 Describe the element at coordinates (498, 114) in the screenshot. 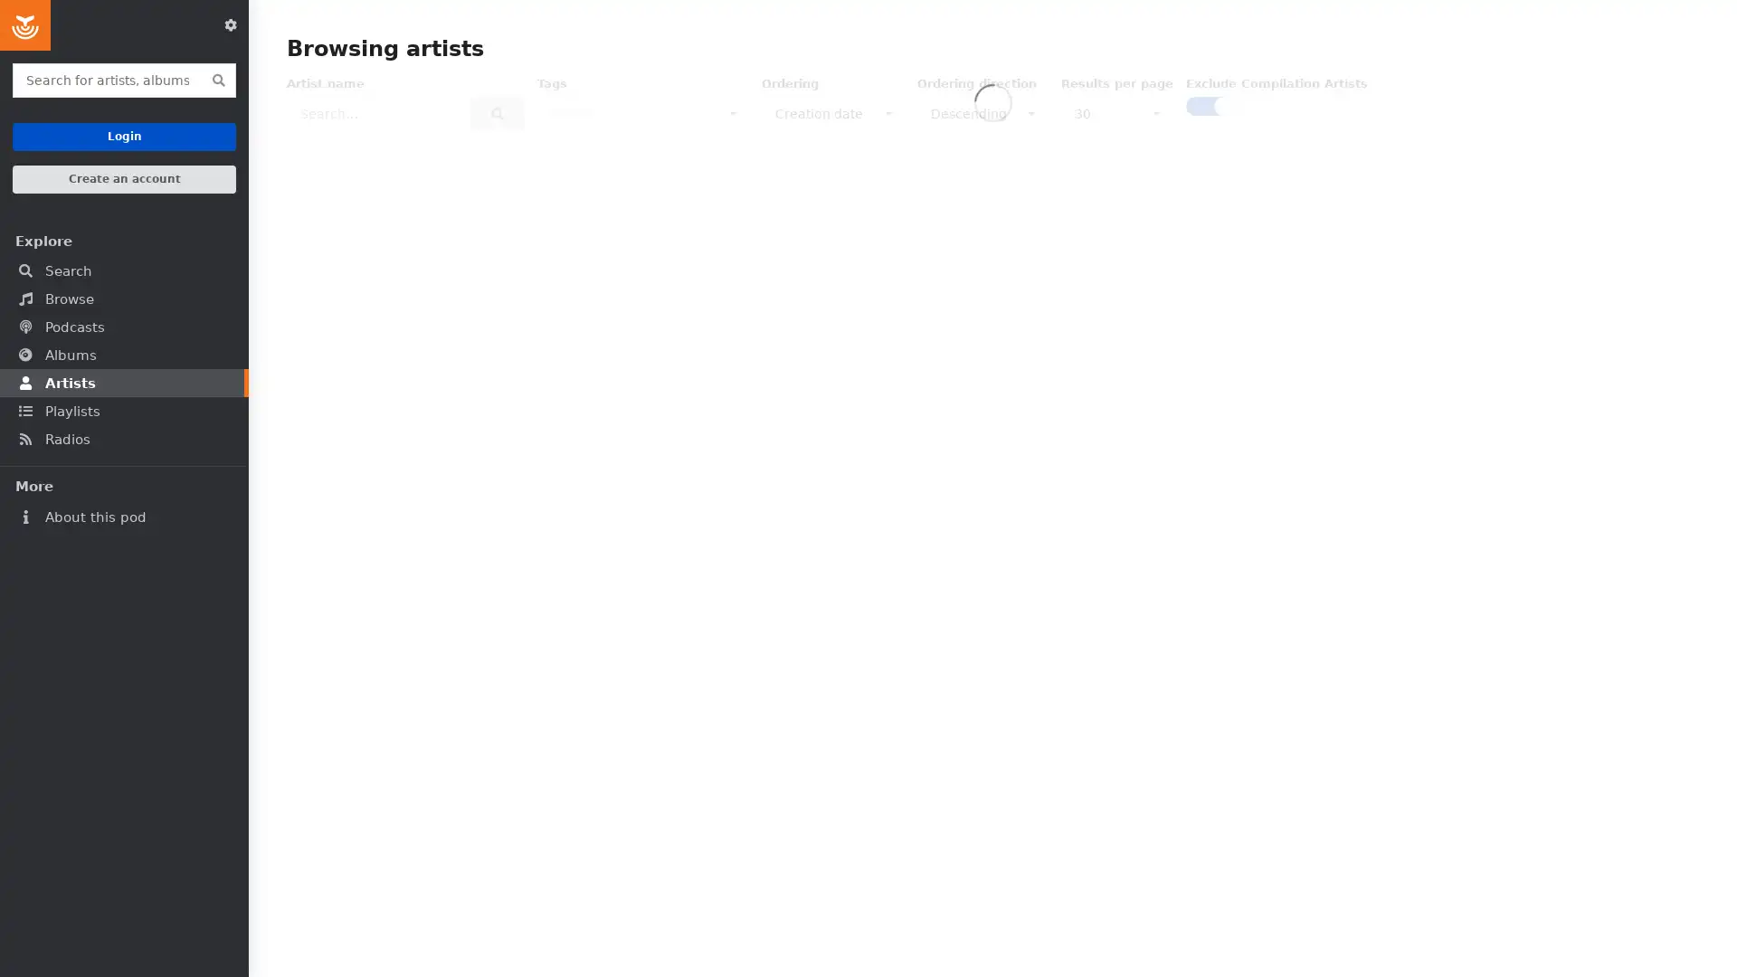

I see `Search` at that location.